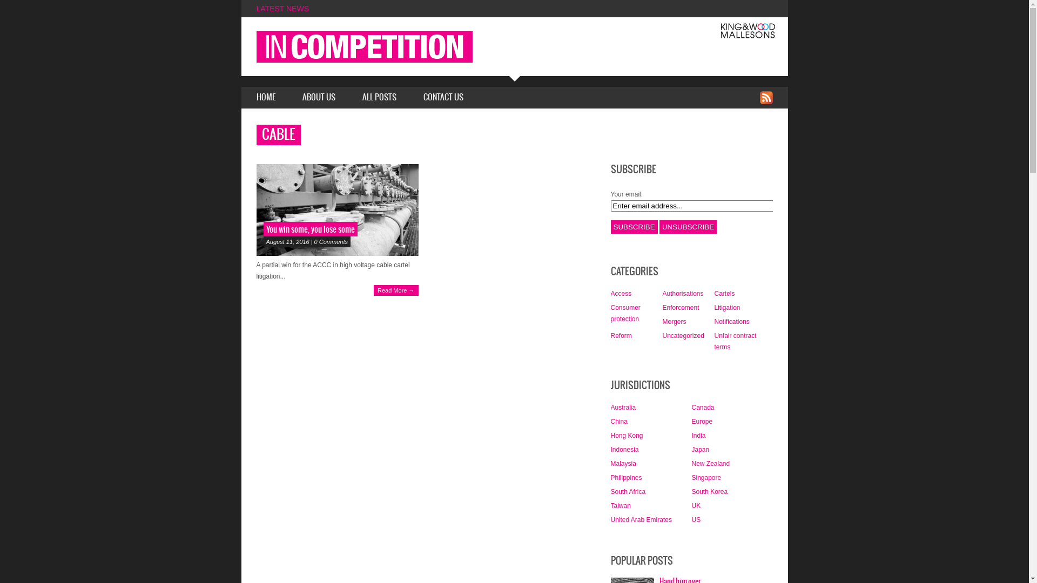 Image resolution: width=1037 pixels, height=583 pixels. What do you see at coordinates (726, 308) in the screenshot?
I see `'Litigation'` at bounding box center [726, 308].